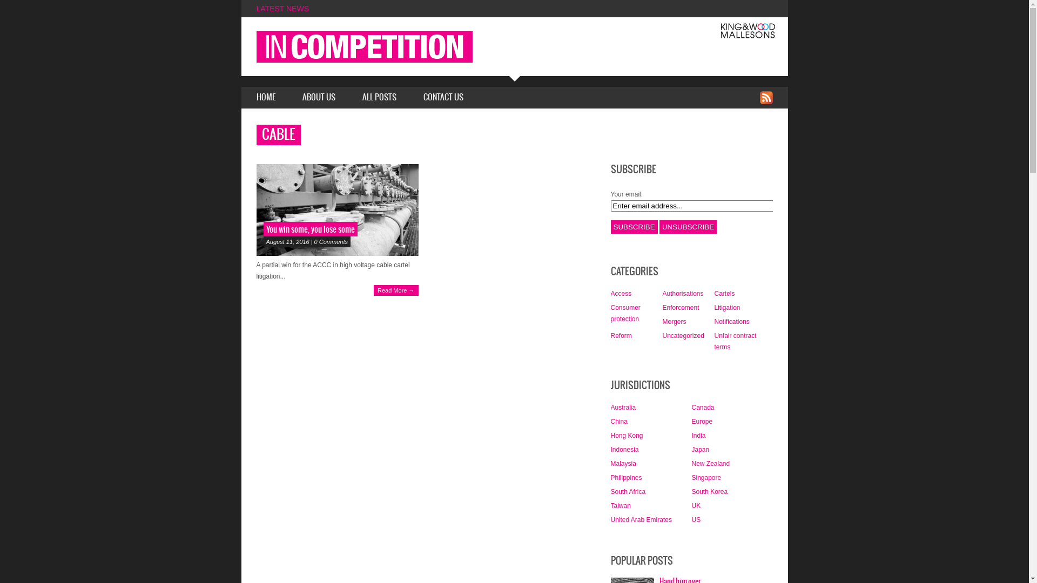 Image resolution: width=1037 pixels, height=583 pixels. What do you see at coordinates (726, 308) in the screenshot?
I see `'Litigation'` at bounding box center [726, 308].